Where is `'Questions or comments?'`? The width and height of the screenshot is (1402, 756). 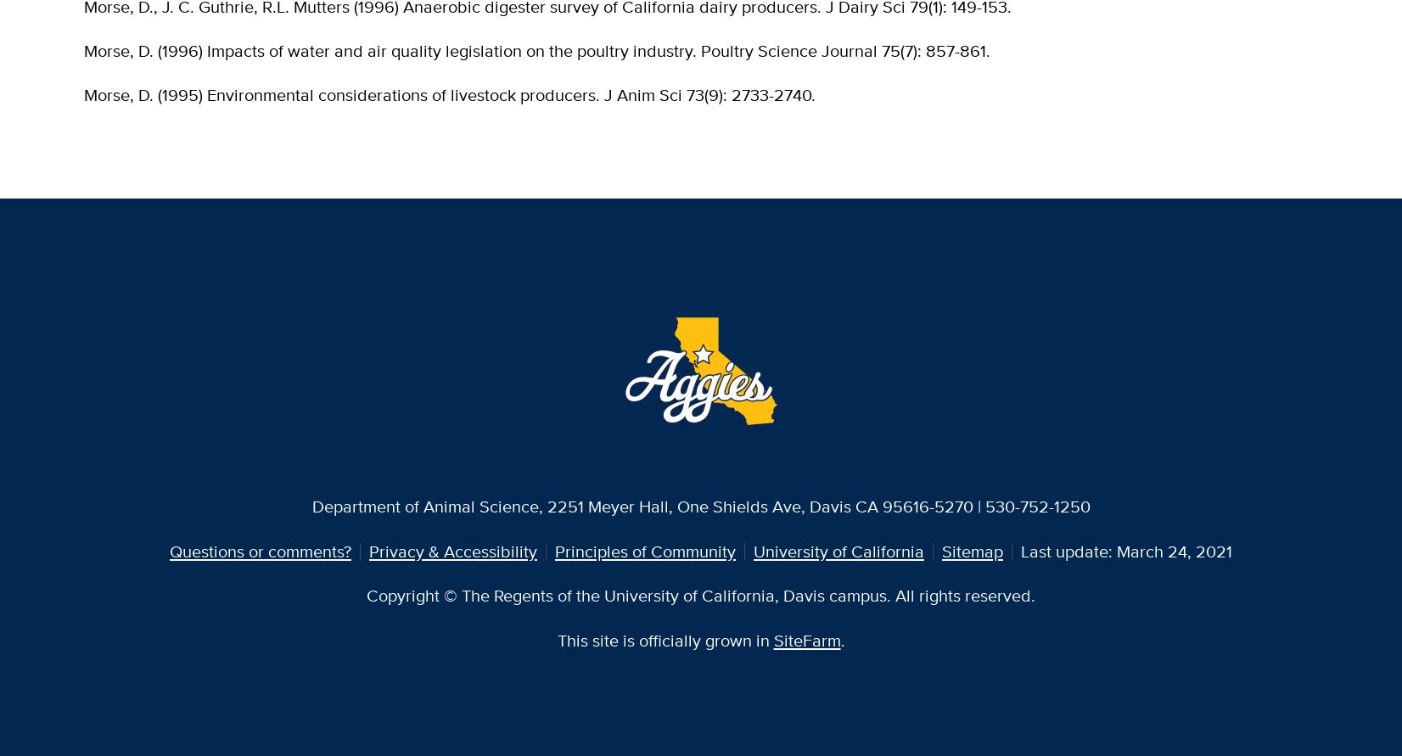
'Questions or comments?' is located at coordinates (260, 549).